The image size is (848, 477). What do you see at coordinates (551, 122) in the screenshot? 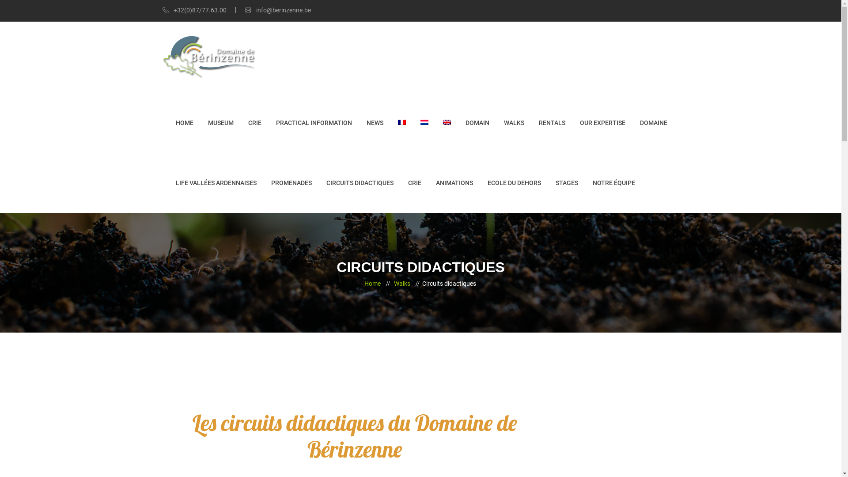
I see `'RENTALS'` at bounding box center [551, 122].